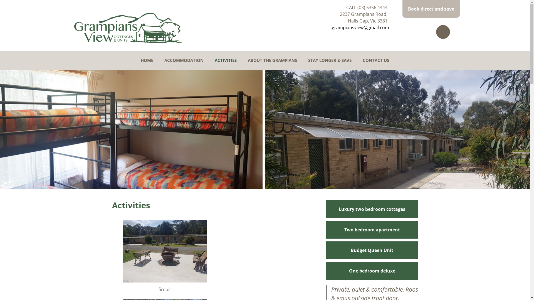 This screenshot has height=300, width=534. I want to click on 'HOME', so click(147, 61).